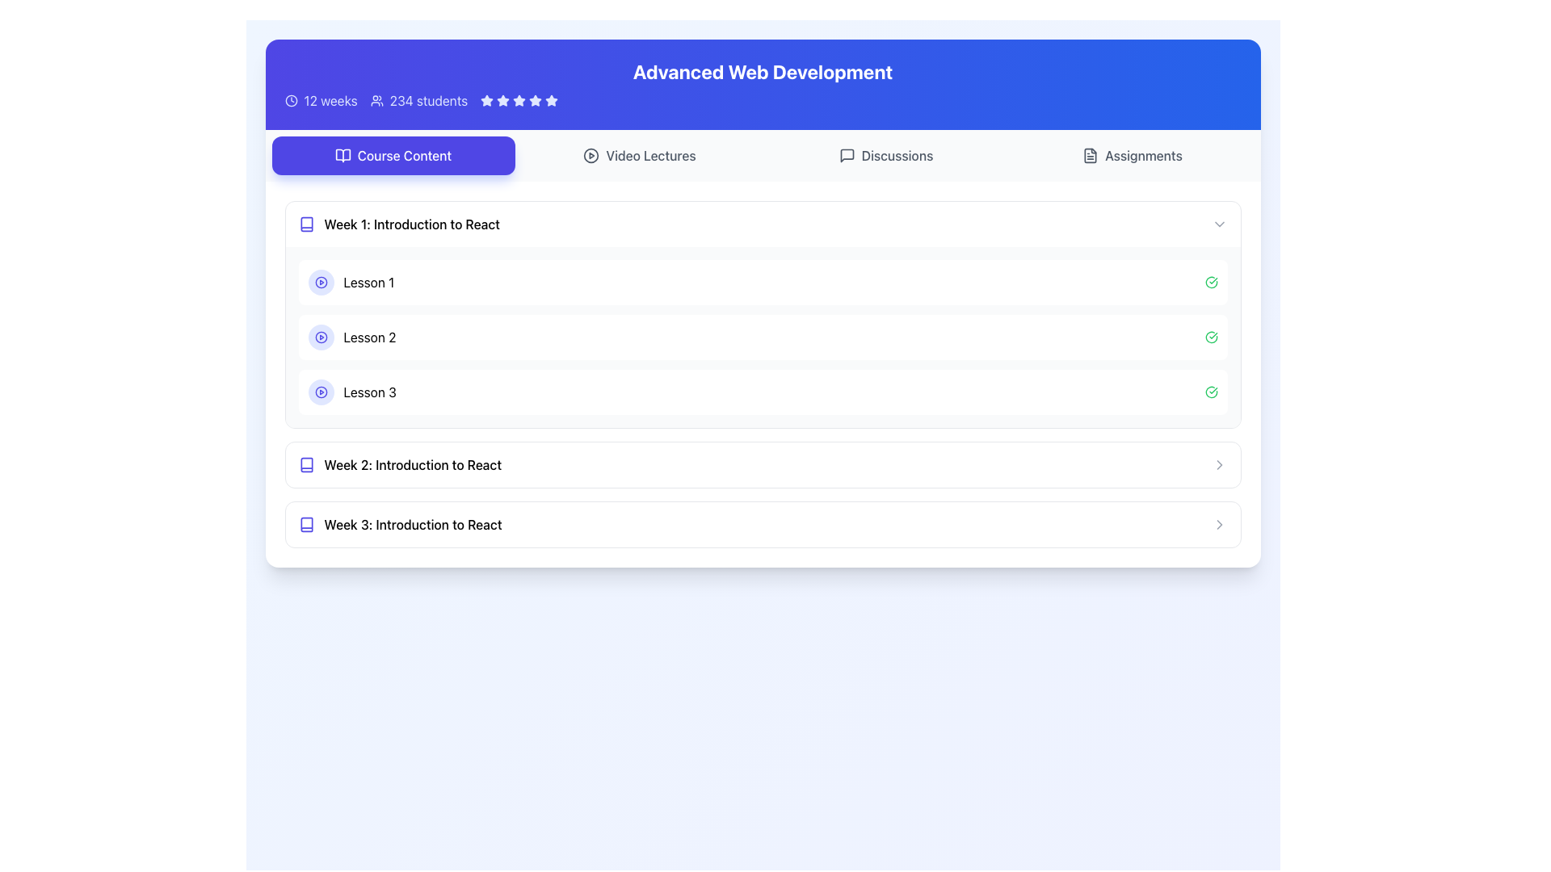  What do you see at coordinates (762, 336) in the screenshot?
I see `the second list item representing 'Lesson 2'` at bounding box center [762, 336].